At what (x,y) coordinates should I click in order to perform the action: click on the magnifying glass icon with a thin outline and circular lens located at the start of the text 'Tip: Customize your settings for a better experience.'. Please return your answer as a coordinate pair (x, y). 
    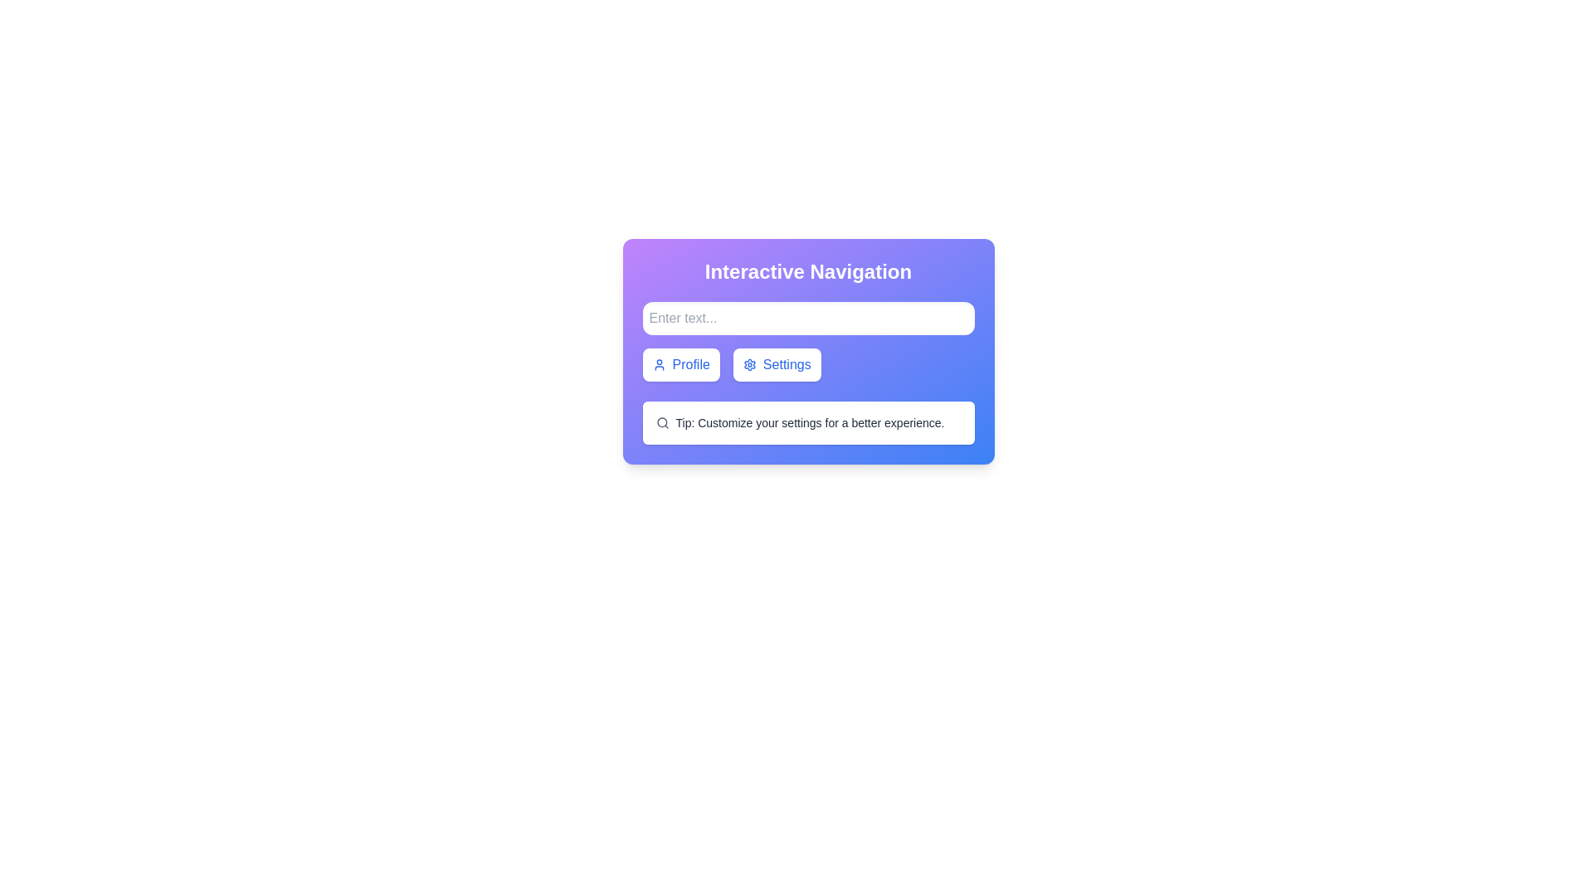
    Looking at the image, I should click on (661, 421).